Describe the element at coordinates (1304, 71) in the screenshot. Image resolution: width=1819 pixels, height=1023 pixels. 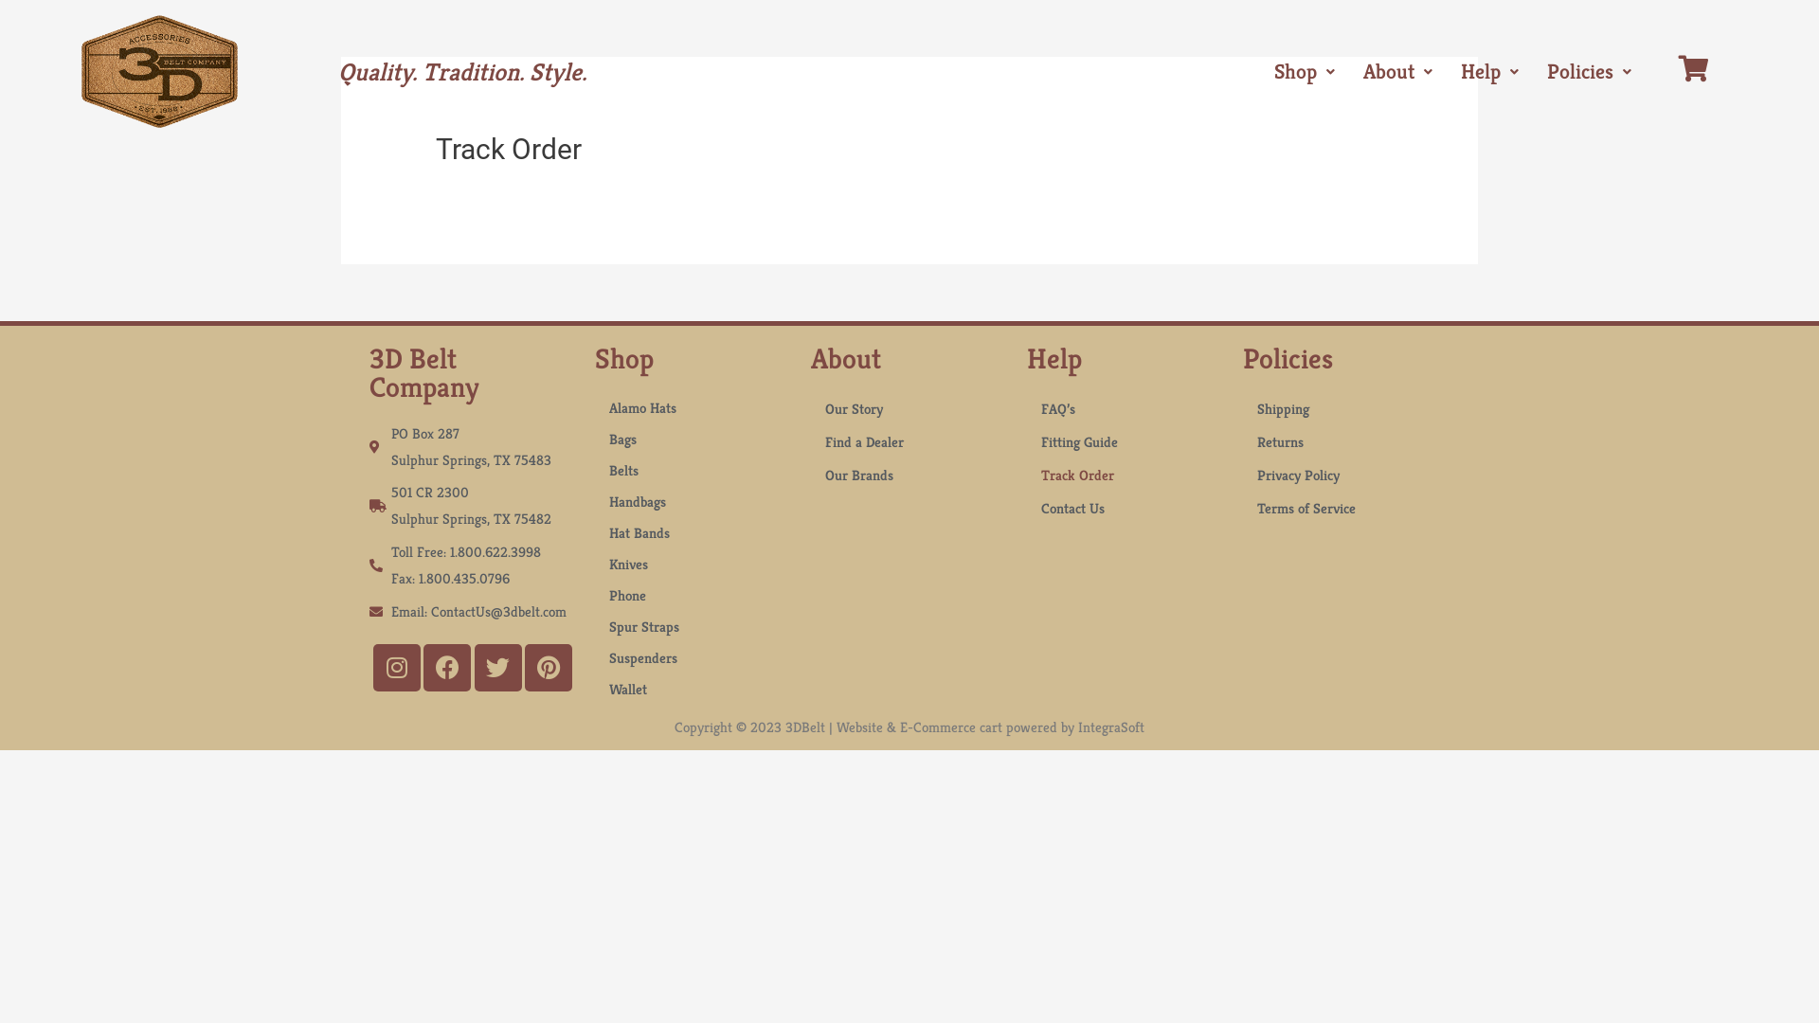
I see `'Shop'` at that location.